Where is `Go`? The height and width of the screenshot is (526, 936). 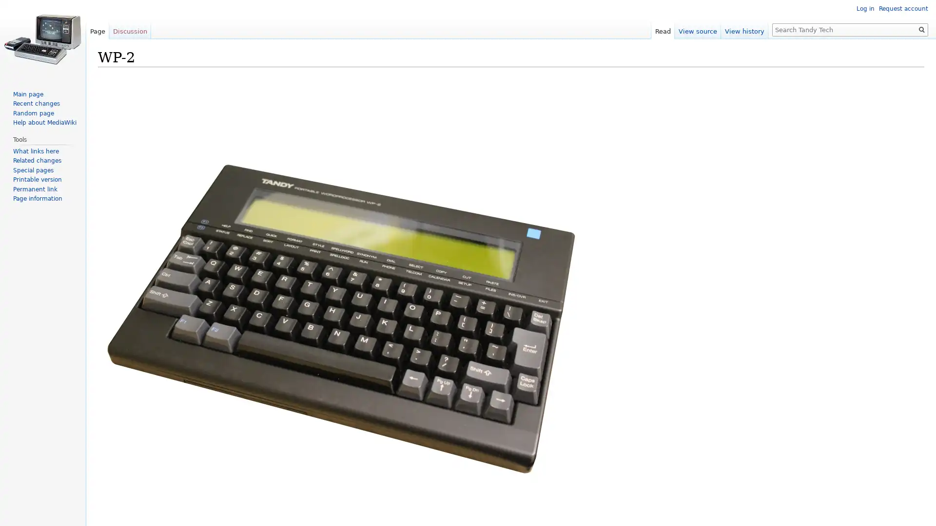
Go is located at coordinates (921, 29).